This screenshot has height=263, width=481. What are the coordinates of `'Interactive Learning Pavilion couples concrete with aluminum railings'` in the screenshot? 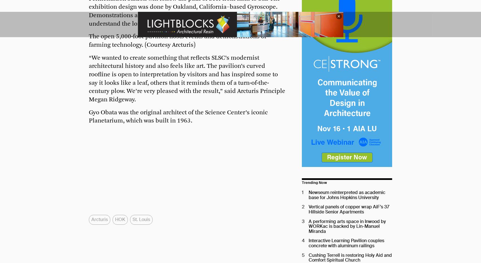 It's located at (346, 243).